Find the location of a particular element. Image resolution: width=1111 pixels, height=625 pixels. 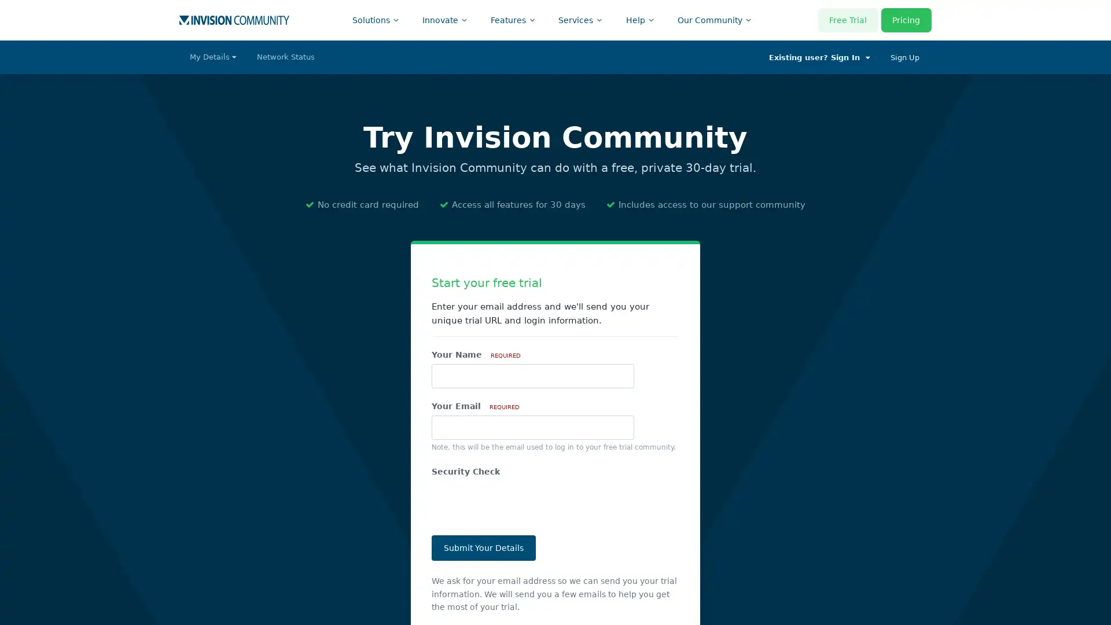

Submit Your Details is located at coordinates (483, 547).